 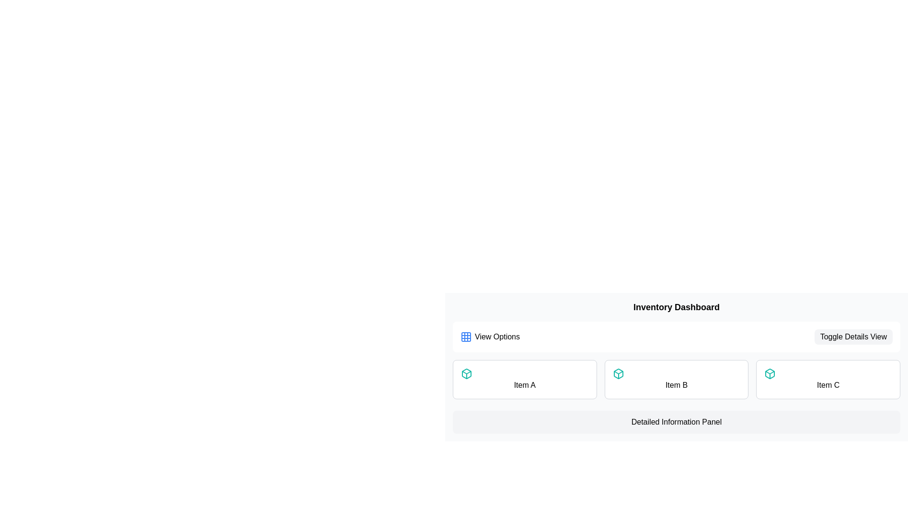 I want to click on the graphical icon located within the 'Item A' section, positioned towards the left among a row of similarly styled icons, so click(x=618, y=373).